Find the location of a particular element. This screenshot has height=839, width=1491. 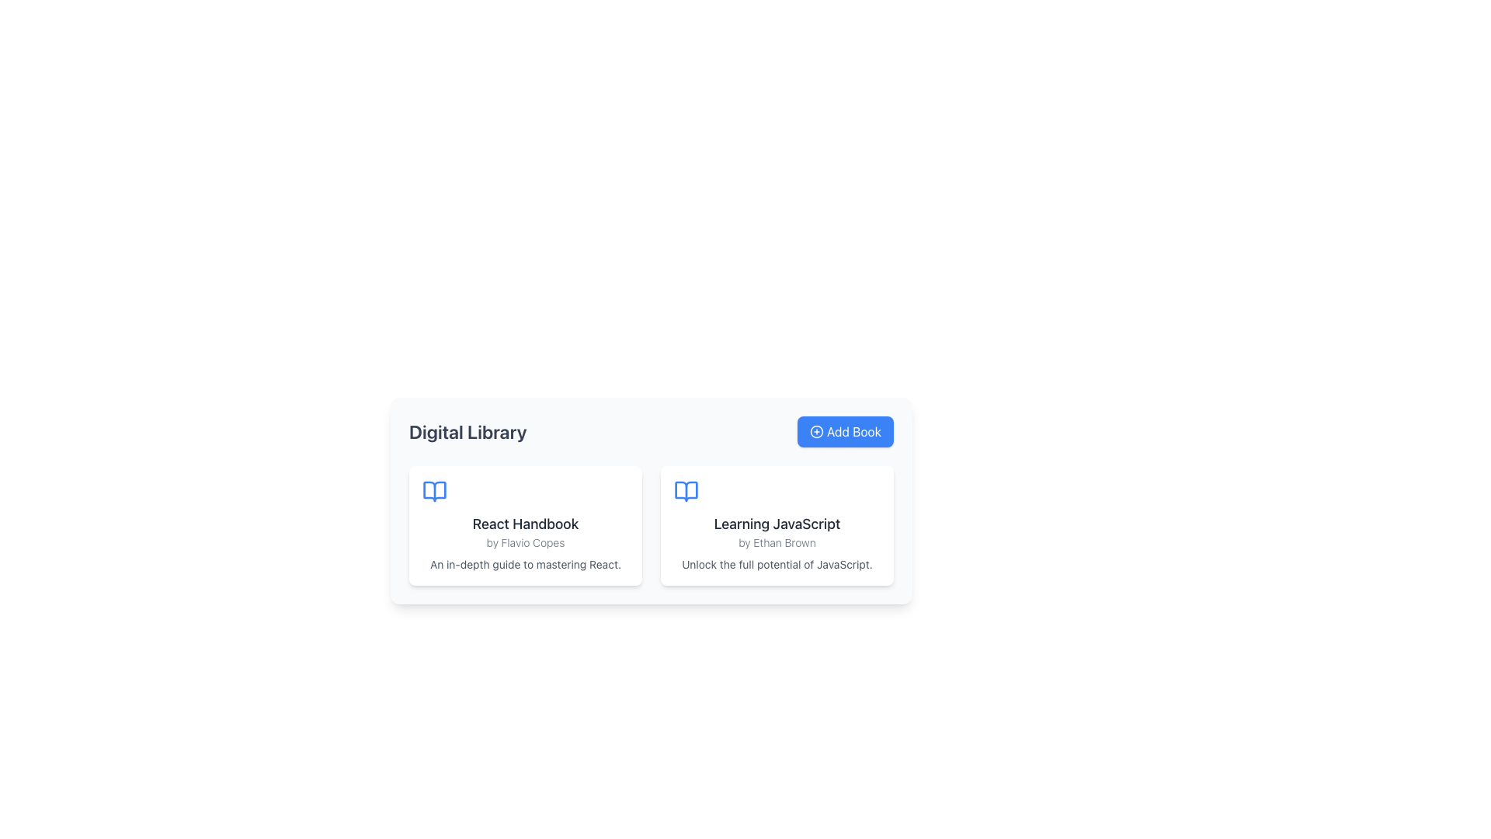

the circular SVG icon with a plus symbol located within the 'Add Book' button, which is positioned in the top-right corner of the displayed section above a list of books is located at coordinates (815, 431).